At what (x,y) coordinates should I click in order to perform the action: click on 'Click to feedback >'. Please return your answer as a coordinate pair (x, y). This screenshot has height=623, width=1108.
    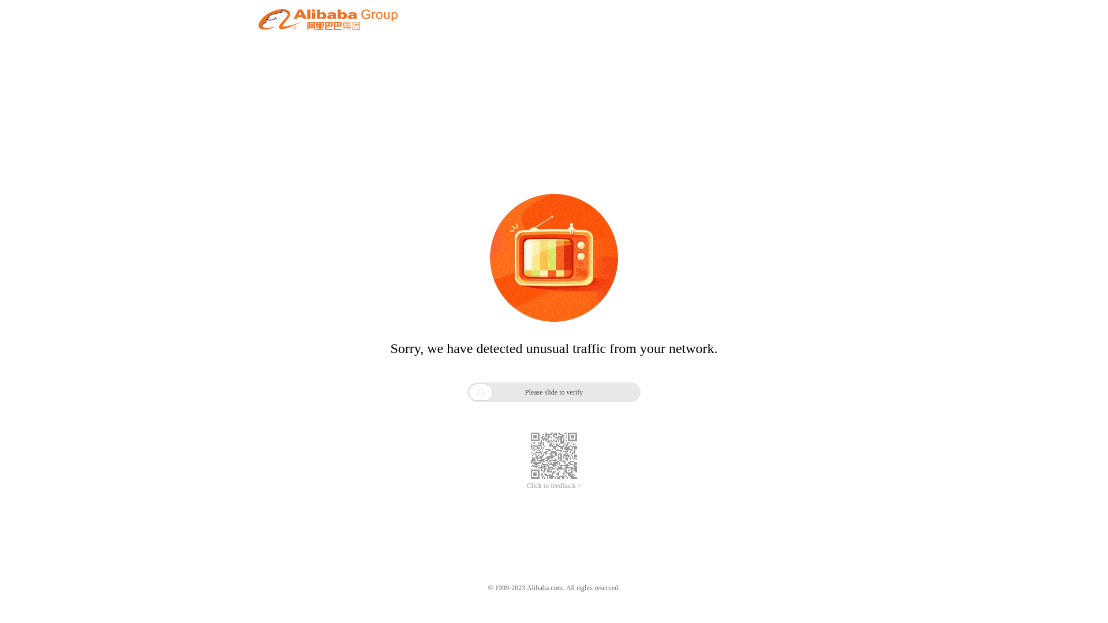
    Looking at the image, I should click on (554, 486).